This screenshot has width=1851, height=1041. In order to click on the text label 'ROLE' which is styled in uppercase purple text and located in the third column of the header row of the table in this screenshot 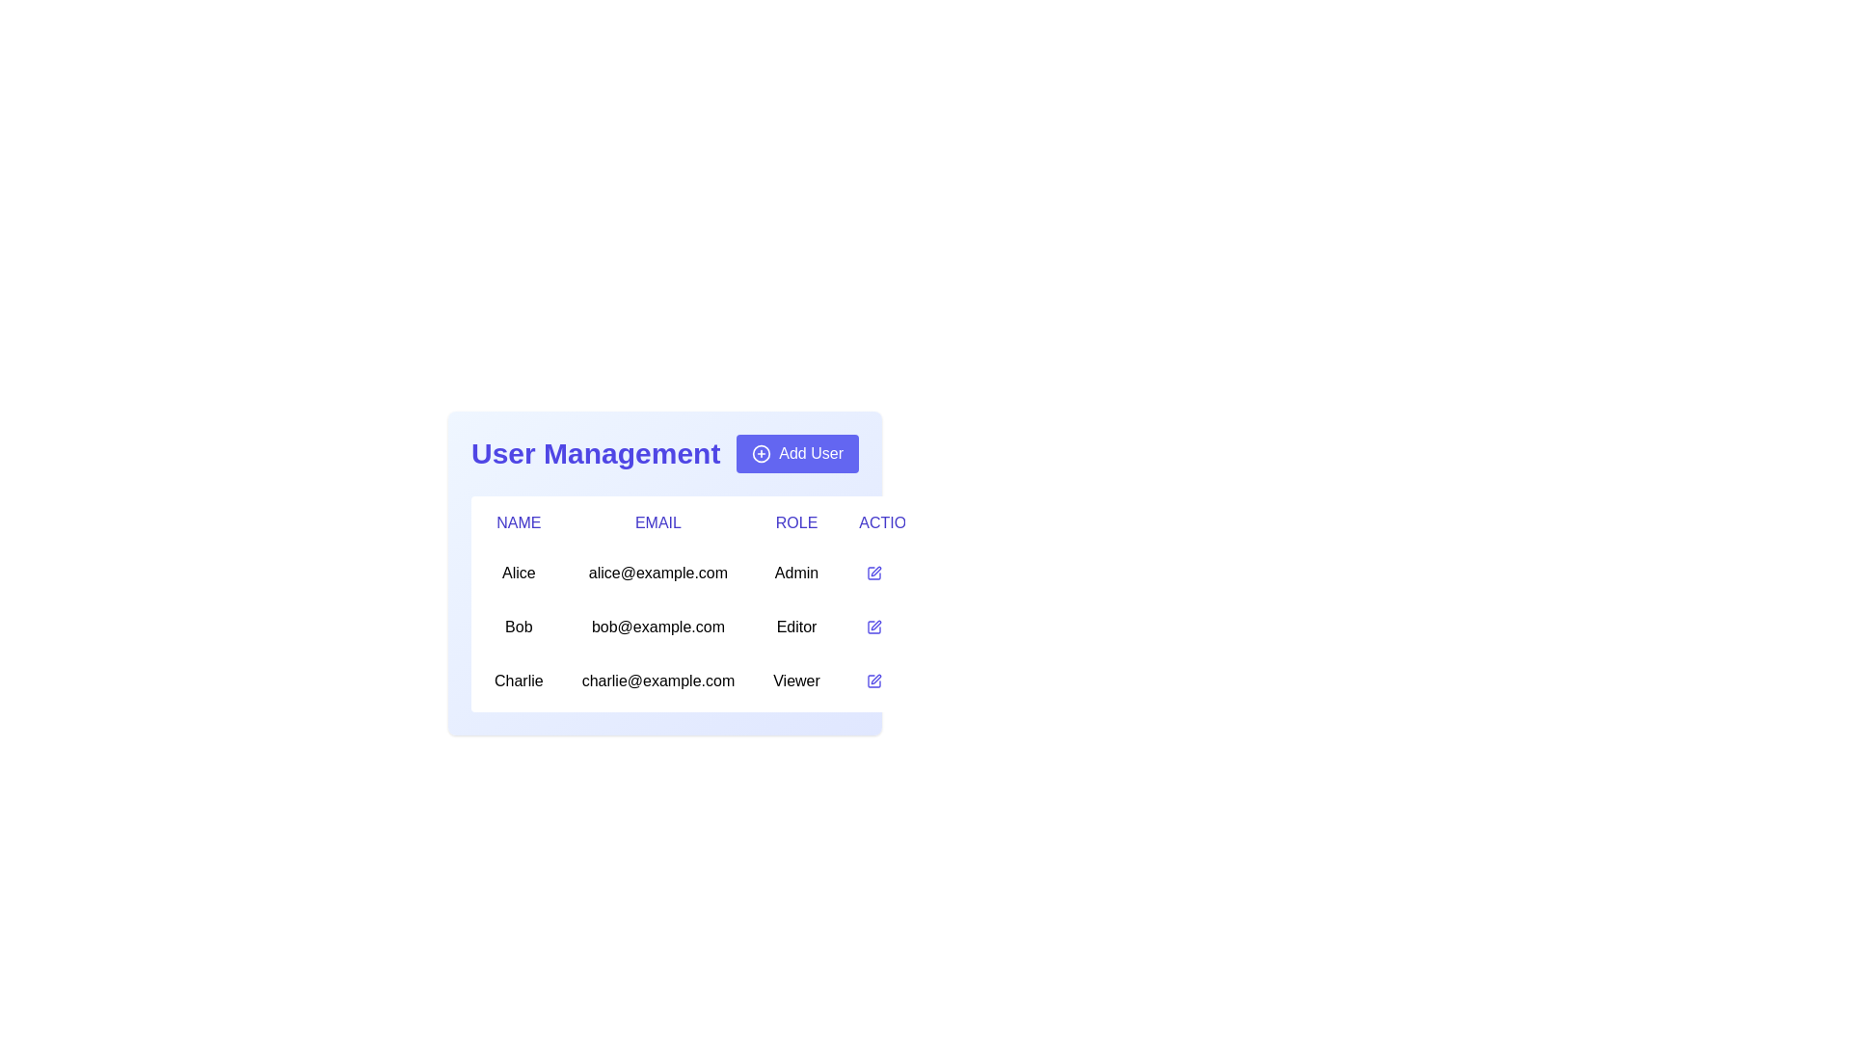, I will do `click(796, 523)`.